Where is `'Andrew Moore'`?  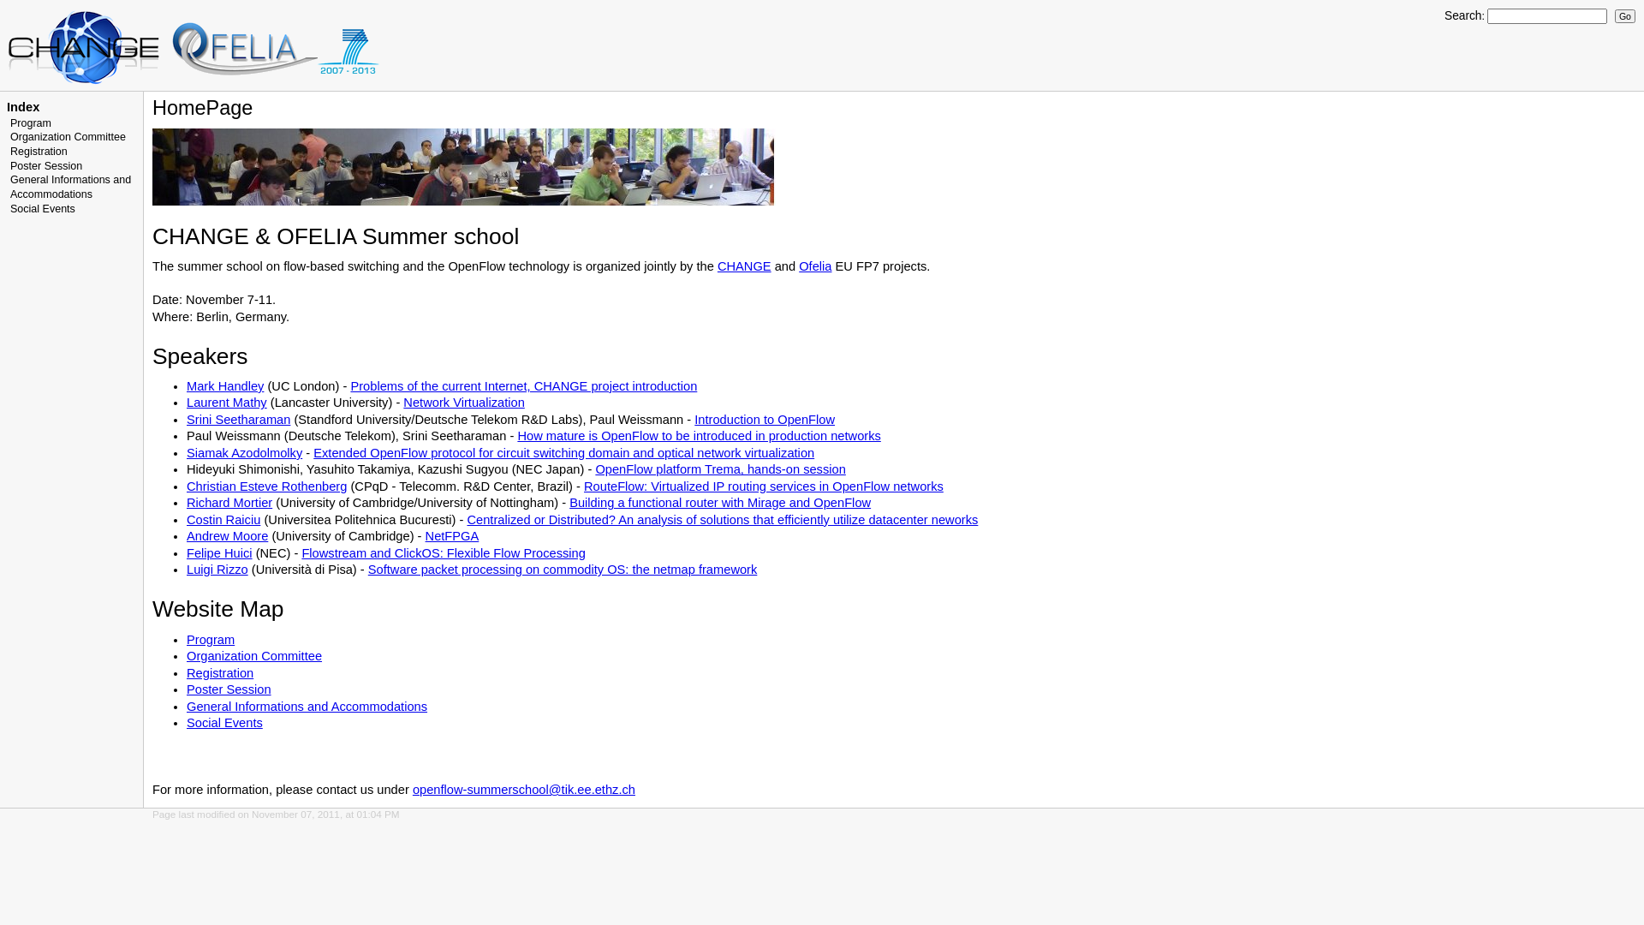
'Andrew Moore' is located at coordinates (226, 534).